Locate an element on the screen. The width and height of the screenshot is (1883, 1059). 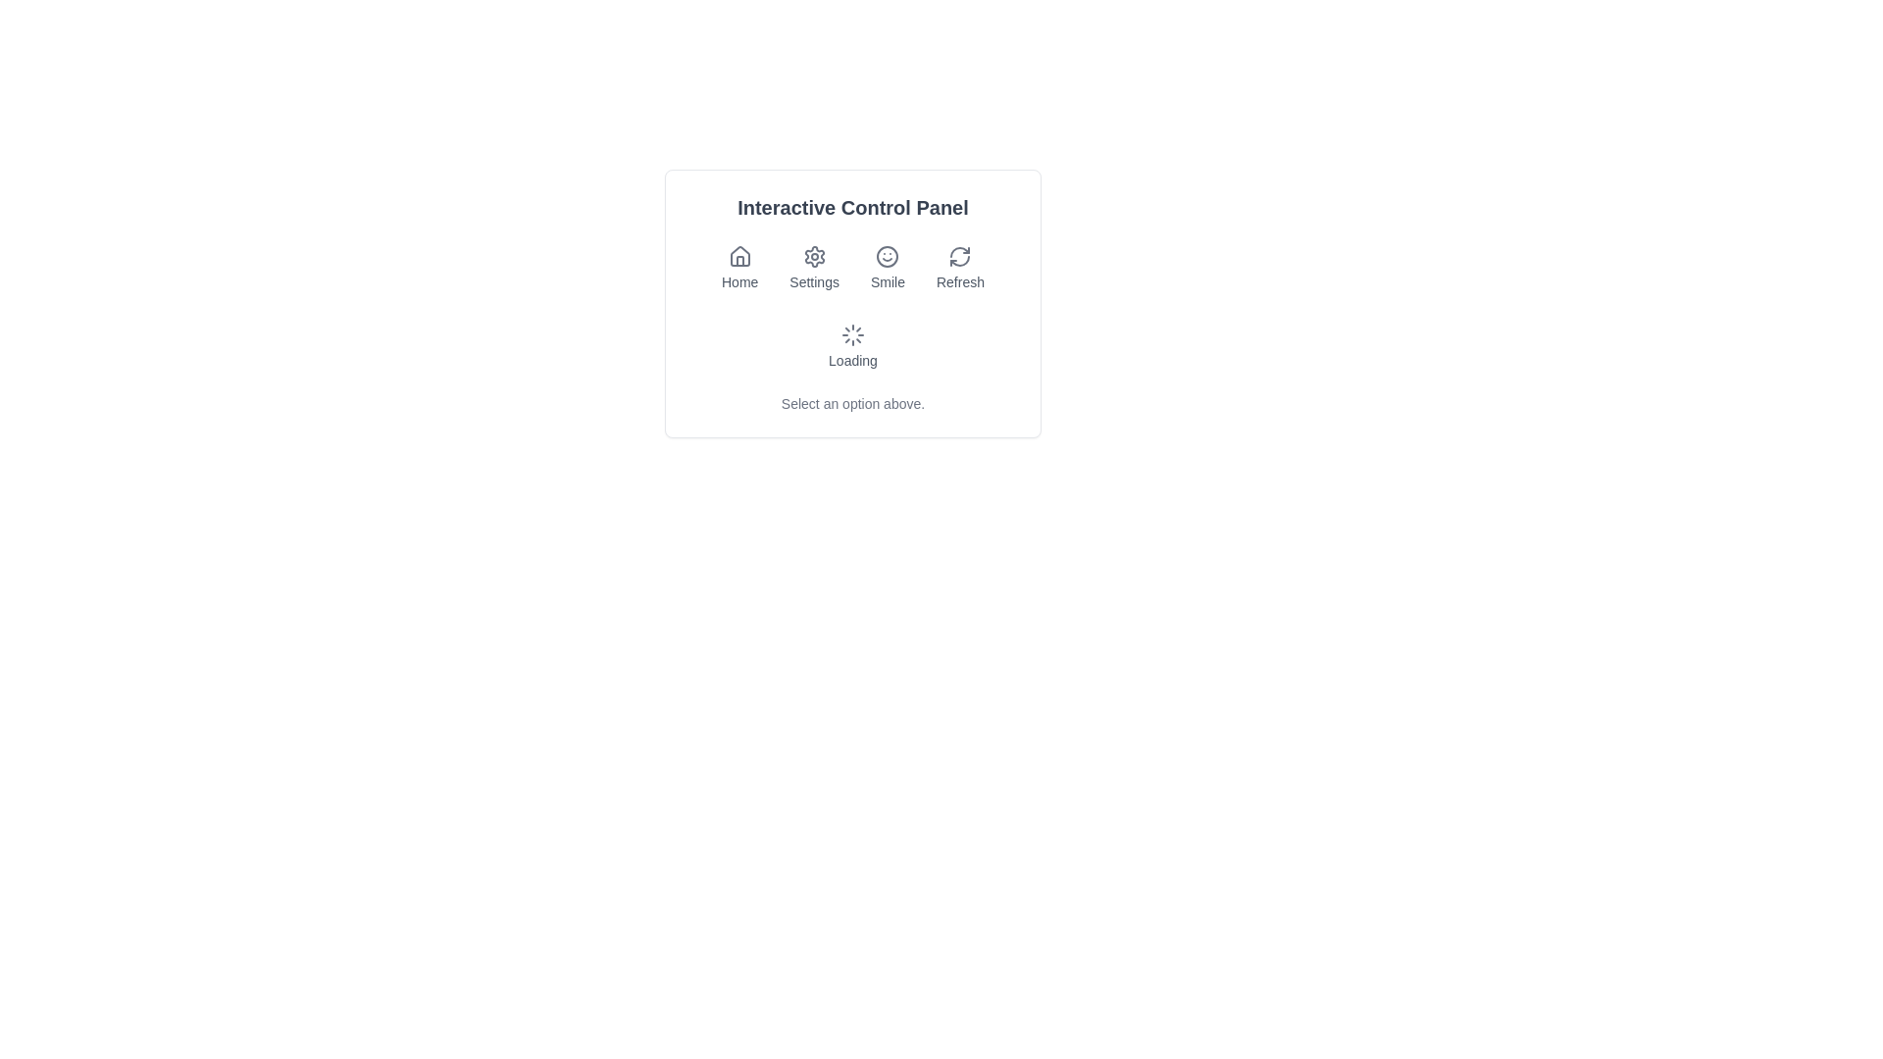
the 'Refresh' button, which features circular arrows and is the fourth element in the Interactive Control Panel is located at coordinates (960, 268).